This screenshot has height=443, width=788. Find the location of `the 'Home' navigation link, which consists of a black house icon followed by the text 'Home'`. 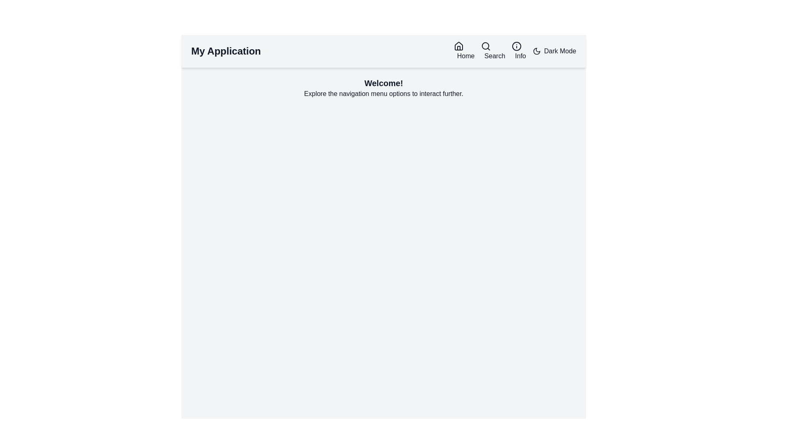

the 'Home' navigation link, which consists of a black house icon followed by the text 'Home' is located at coordinates (464, 51).